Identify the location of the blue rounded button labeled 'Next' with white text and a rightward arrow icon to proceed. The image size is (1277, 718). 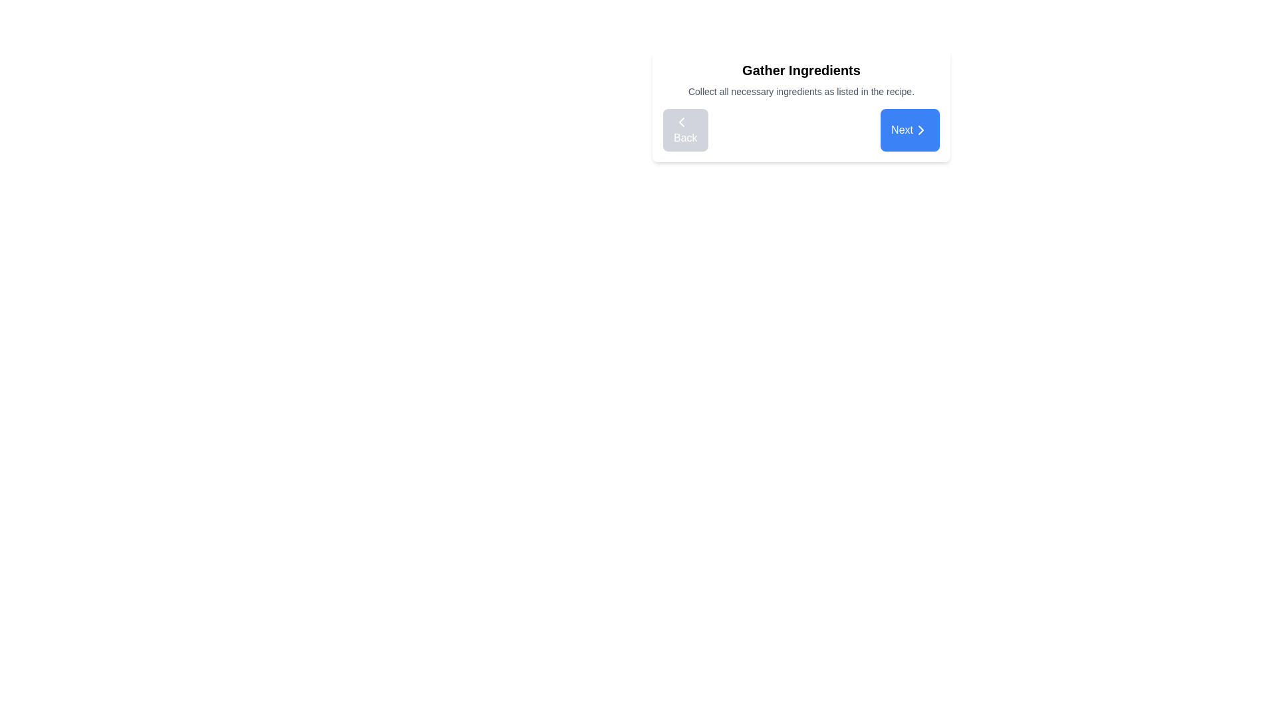
(909, 130).